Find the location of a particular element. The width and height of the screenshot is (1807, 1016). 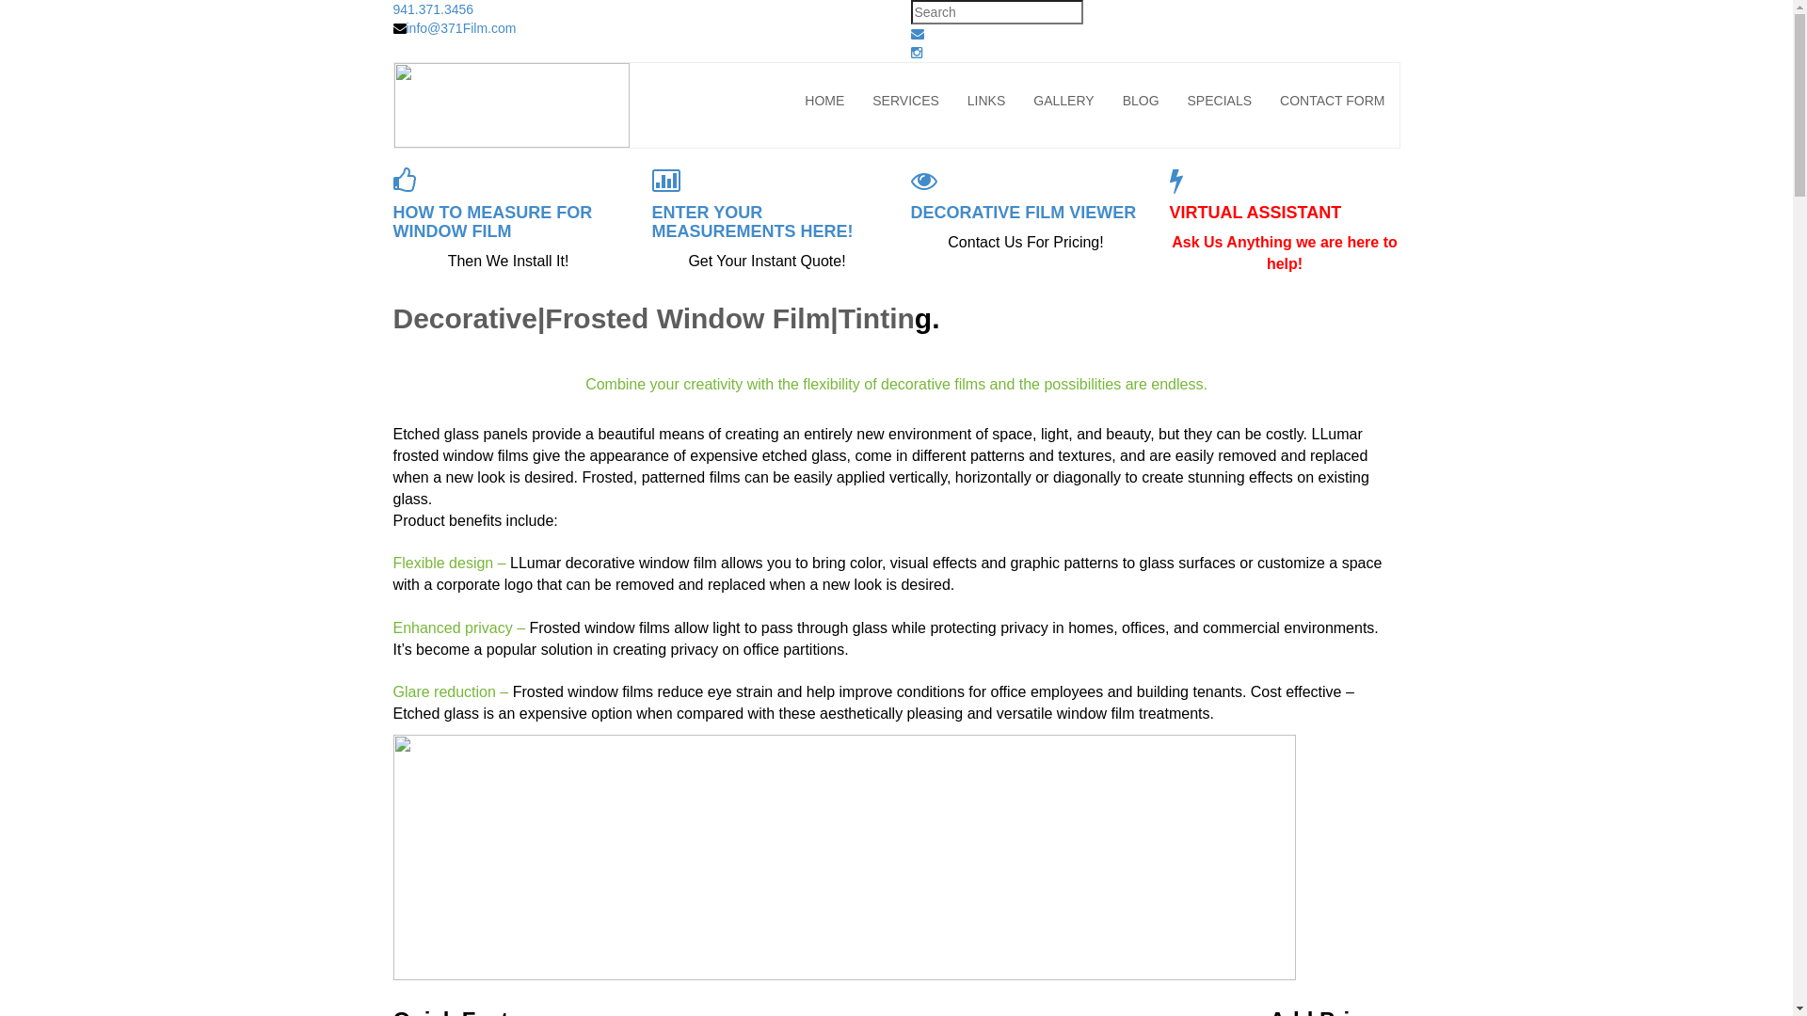

'941.371.3456' is located at coordinates (392, 9).